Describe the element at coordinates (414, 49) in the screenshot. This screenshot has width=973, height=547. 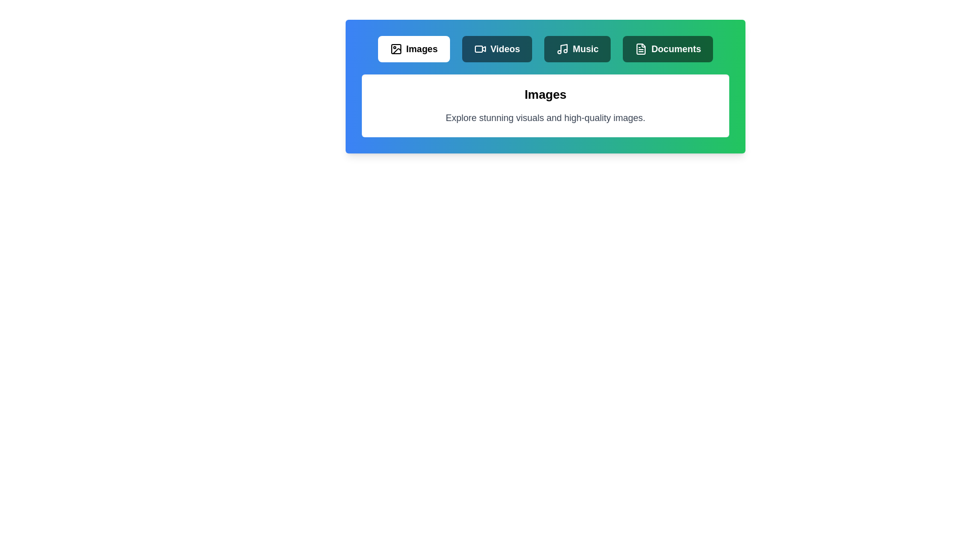
I see `the Images tab` at that location.